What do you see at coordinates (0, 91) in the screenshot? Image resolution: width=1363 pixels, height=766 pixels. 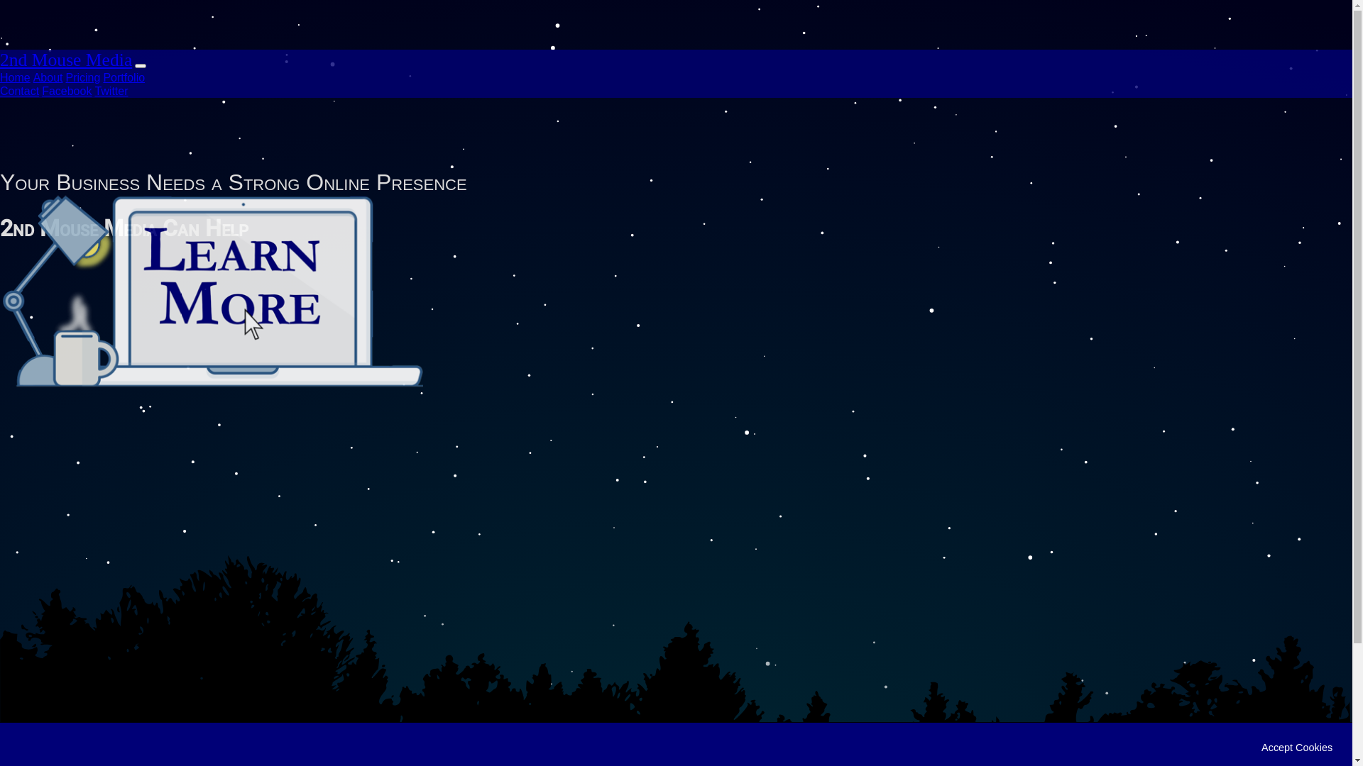 I see `'Contact'` at bounding box center [0, 91].